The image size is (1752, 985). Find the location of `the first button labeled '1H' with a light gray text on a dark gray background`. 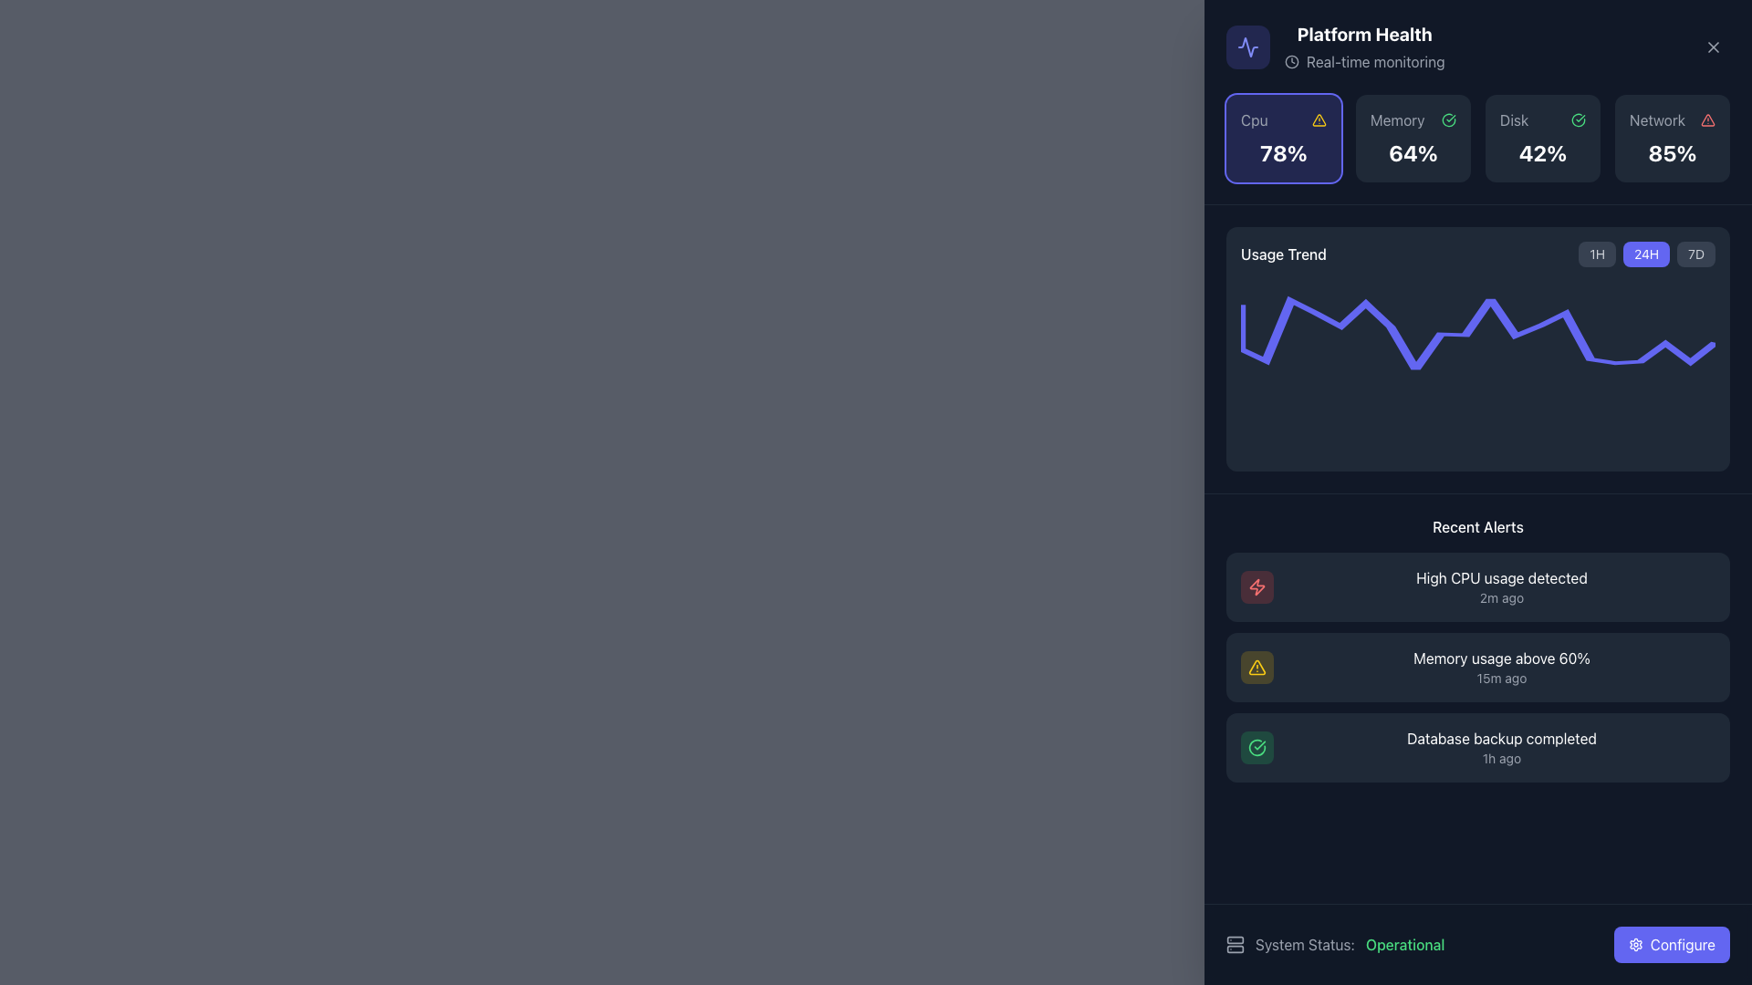

the first button labeled '1H' with a light gray text on a dark gray background is located at coordinates (1596, 254).